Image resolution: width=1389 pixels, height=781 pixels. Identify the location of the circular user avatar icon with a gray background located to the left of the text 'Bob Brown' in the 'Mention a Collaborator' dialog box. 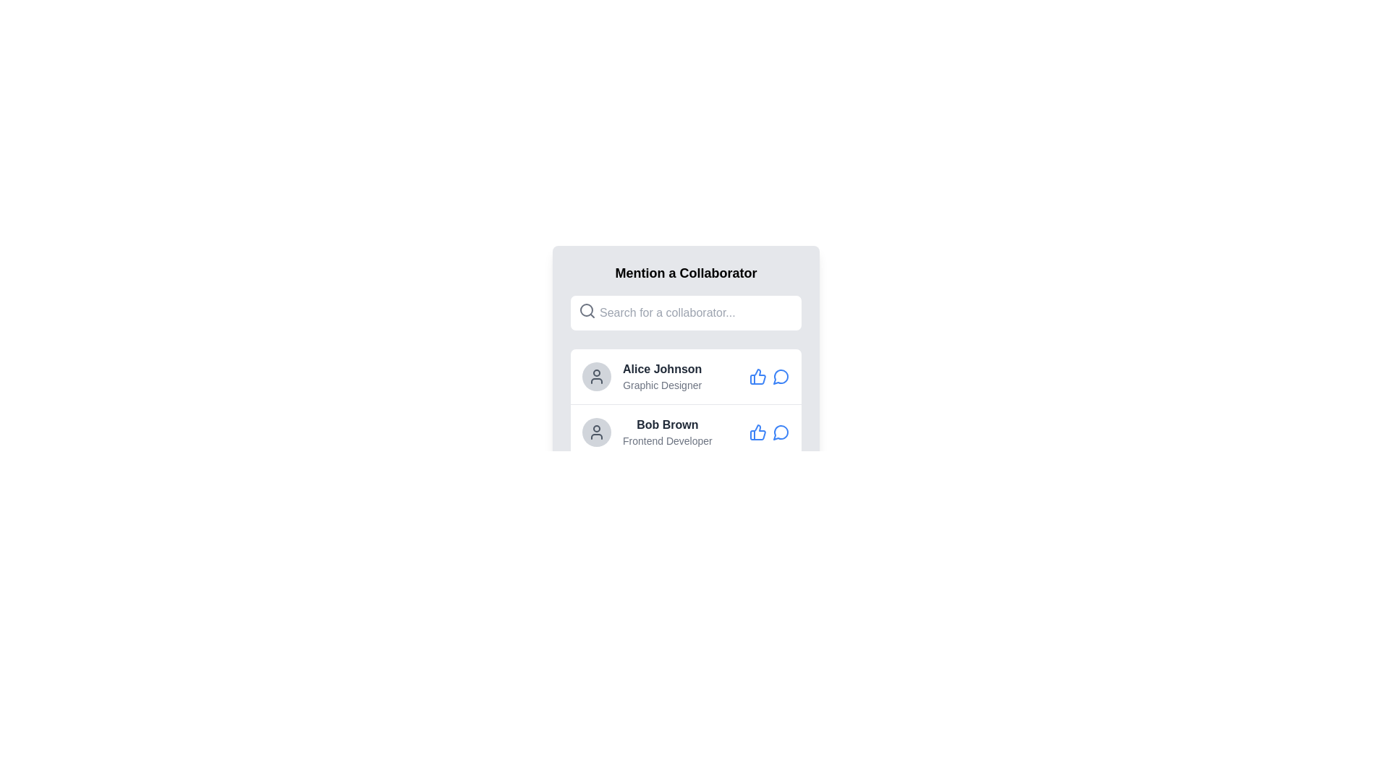
(597, 431).